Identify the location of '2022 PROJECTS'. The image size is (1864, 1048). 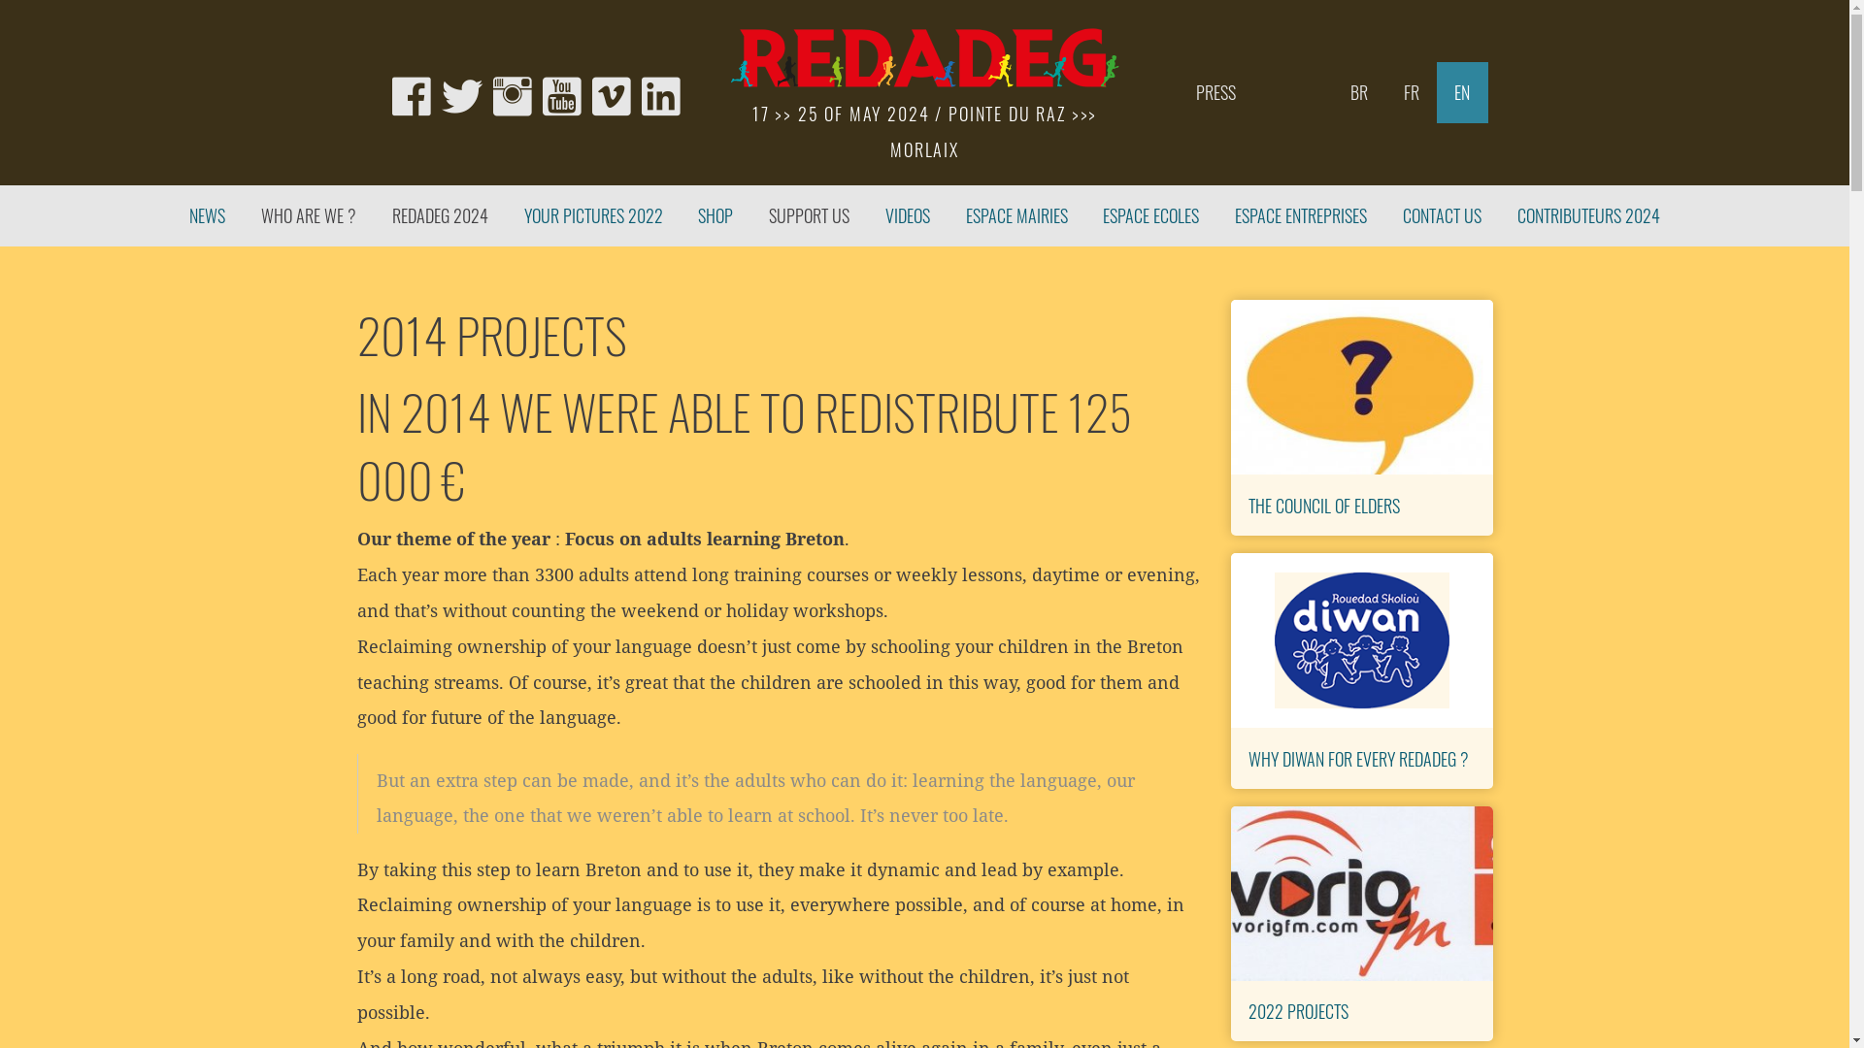
(1298, 1009).